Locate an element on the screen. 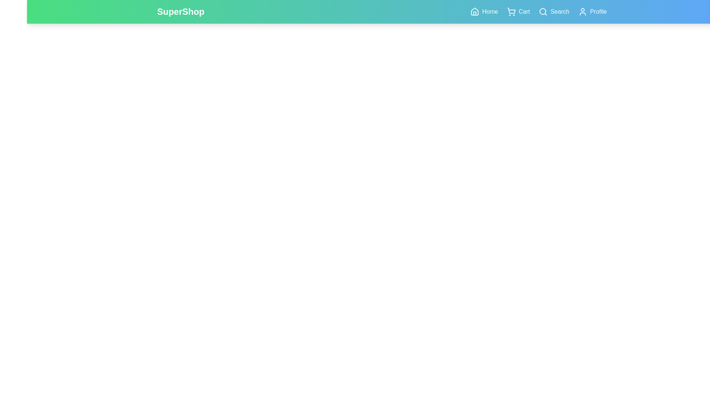 This screenshot has height=399, width=710. the 'Cart' text label in the navigation bar is located at coordinates (524, 11).